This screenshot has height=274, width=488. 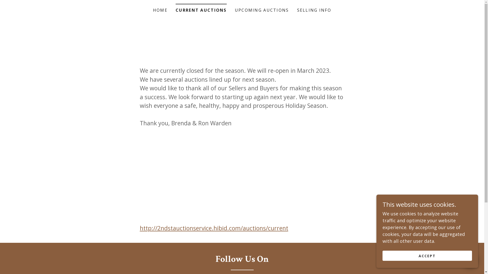 I want to click on 'SELLING INFO', so click(x=314, y=10).